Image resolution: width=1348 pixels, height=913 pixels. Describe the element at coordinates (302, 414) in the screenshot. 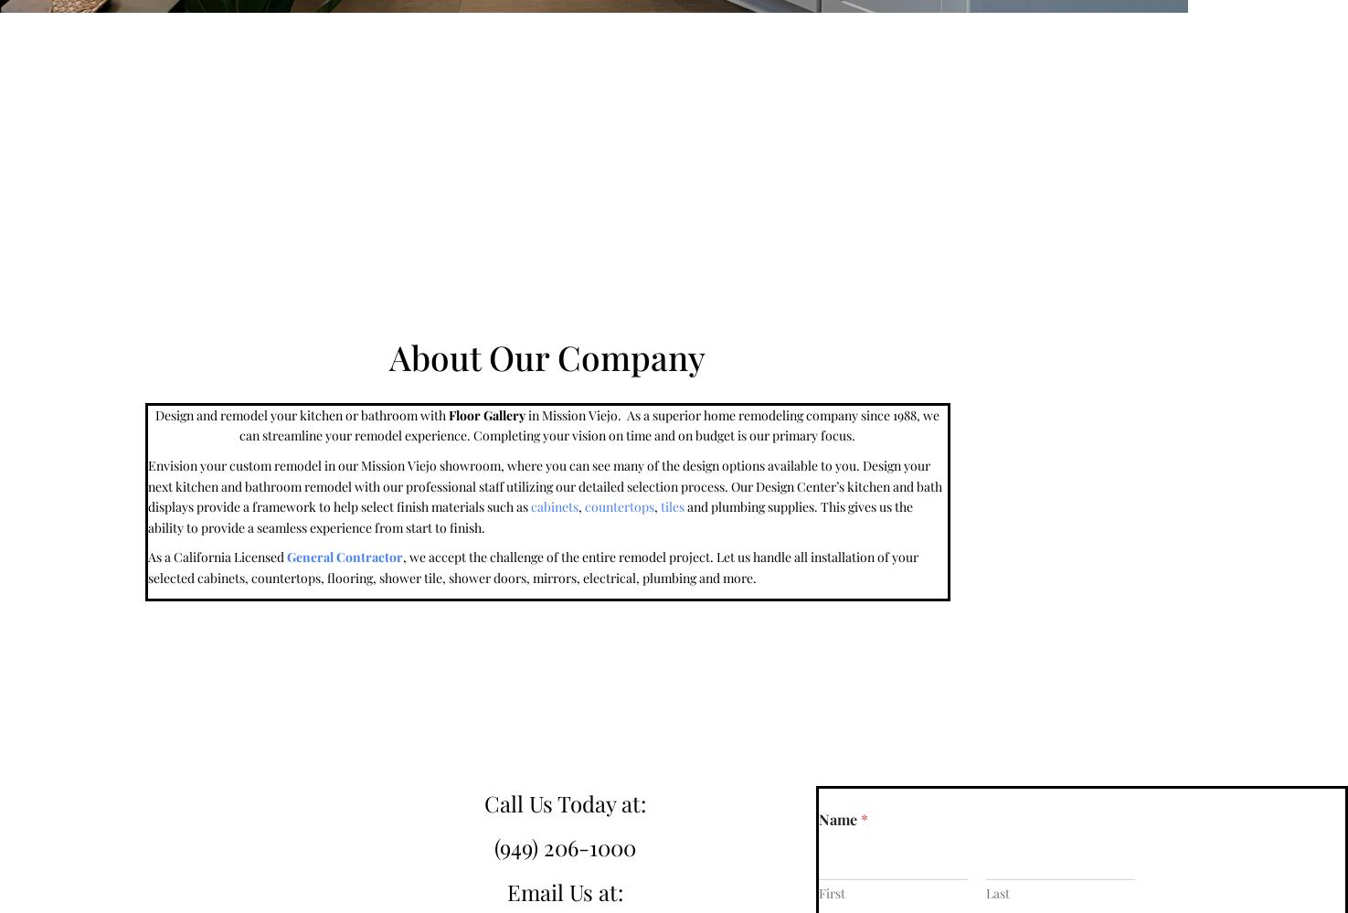

I see `'Design and remodel your kitchen or bathroom with'` at that location.